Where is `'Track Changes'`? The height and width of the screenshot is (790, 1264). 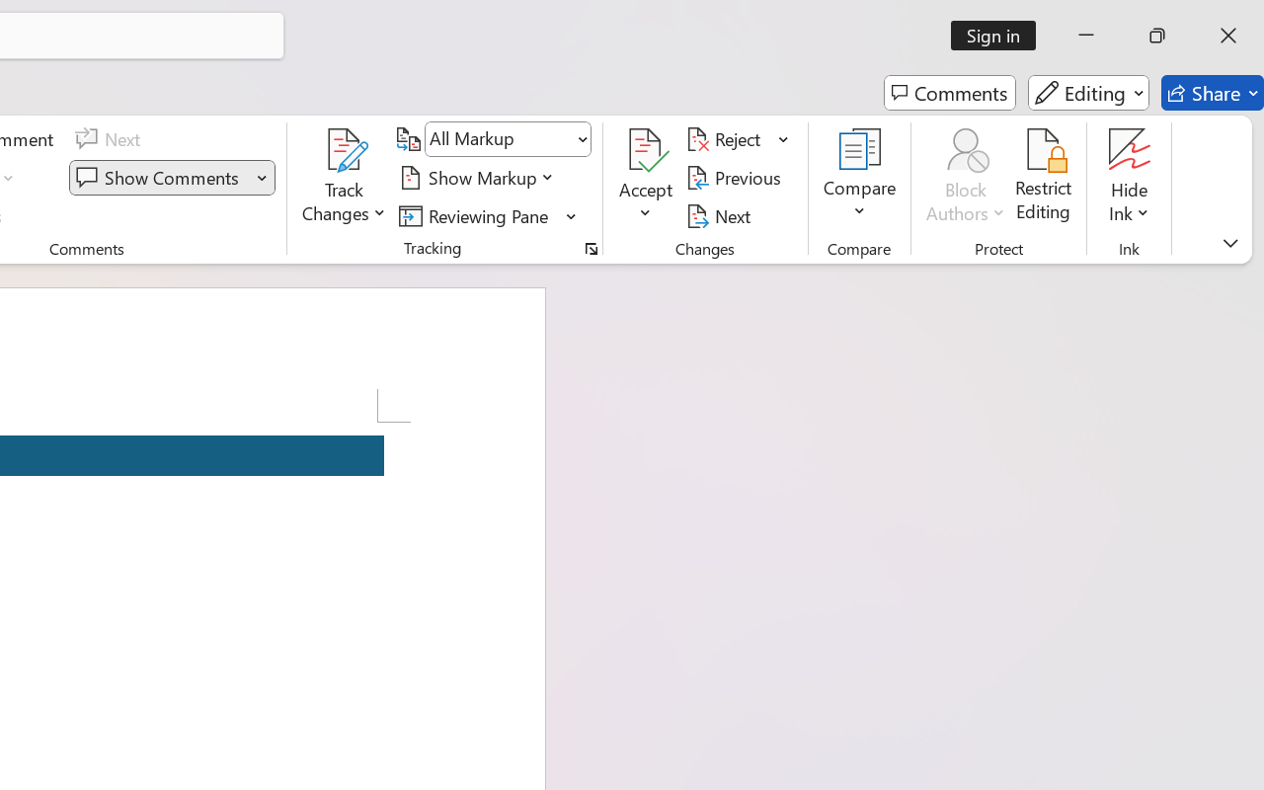
'Track Changes' is located at coordinates (345, 177).